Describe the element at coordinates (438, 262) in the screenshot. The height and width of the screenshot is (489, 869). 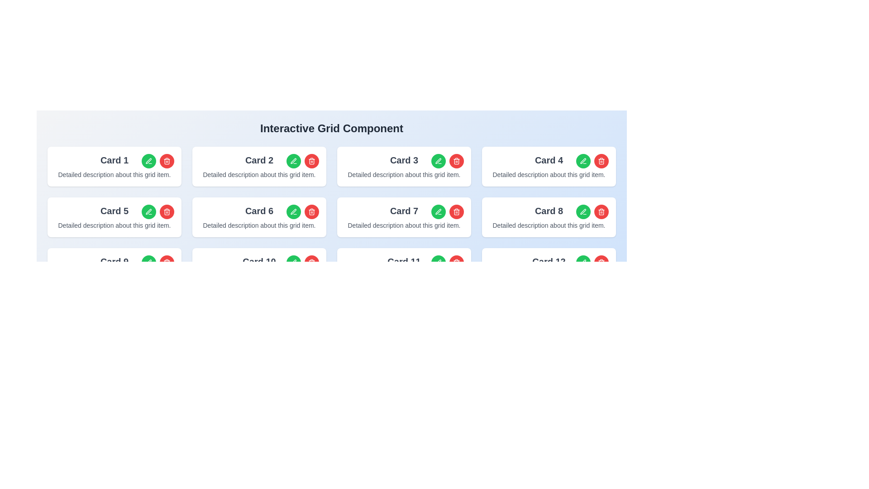
I see `the green pen icon styled as an SVG graphic located in the 'Card 11' section of the 'Interactive Grid Component' interface to initiate editing` at that location.